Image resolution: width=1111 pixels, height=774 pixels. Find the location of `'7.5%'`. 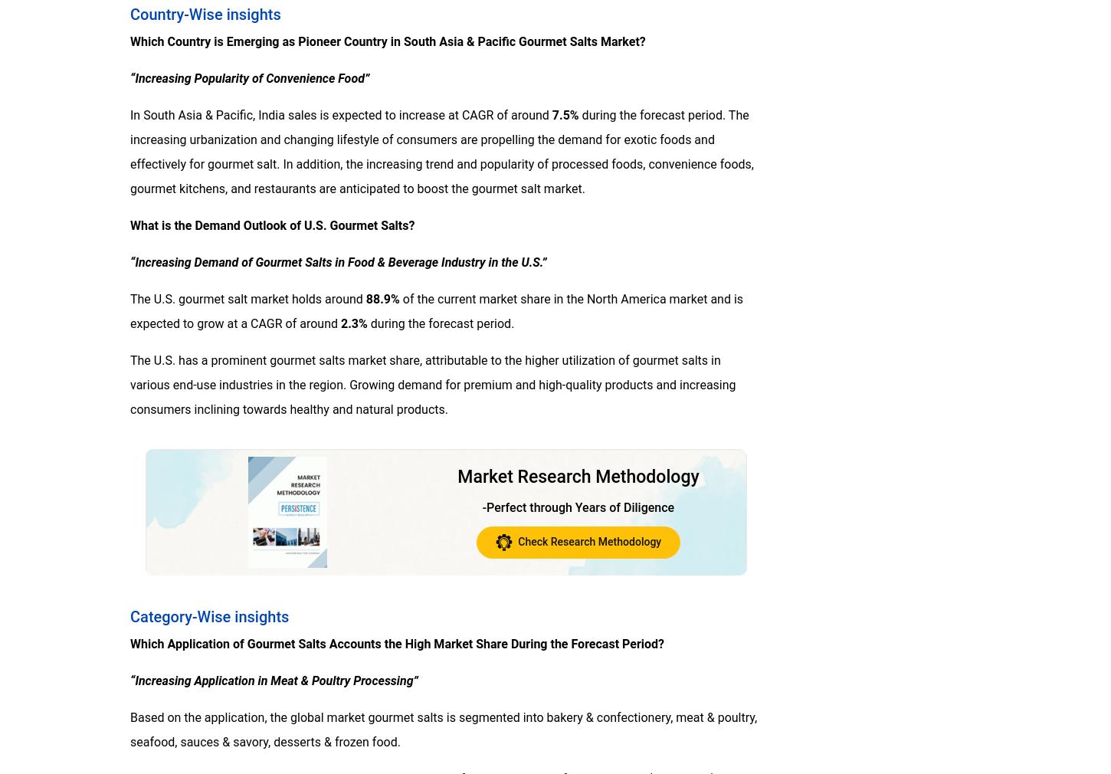

'7.5%' is located at coordinates (565, 113).